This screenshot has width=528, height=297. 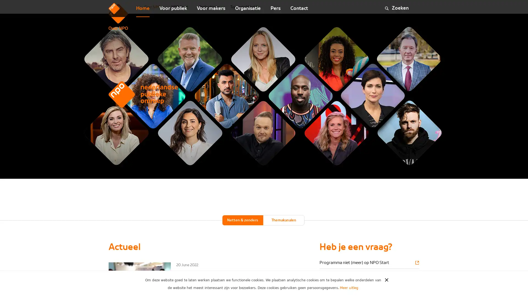 I want to click on Themakanalen, so click(x=284, y=220).